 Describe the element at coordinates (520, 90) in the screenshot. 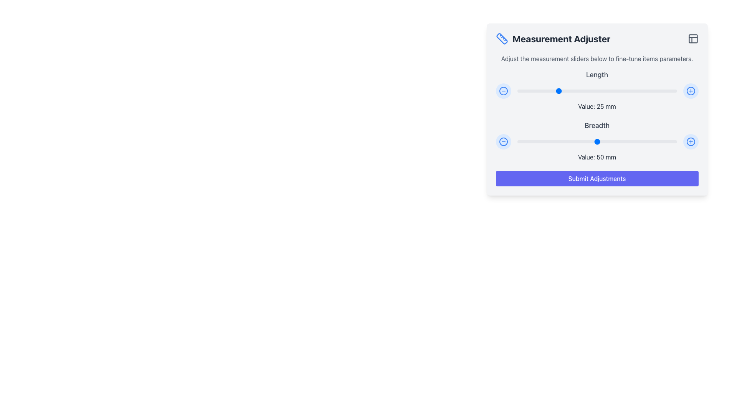

I see `the length adjustment slider` at that location.